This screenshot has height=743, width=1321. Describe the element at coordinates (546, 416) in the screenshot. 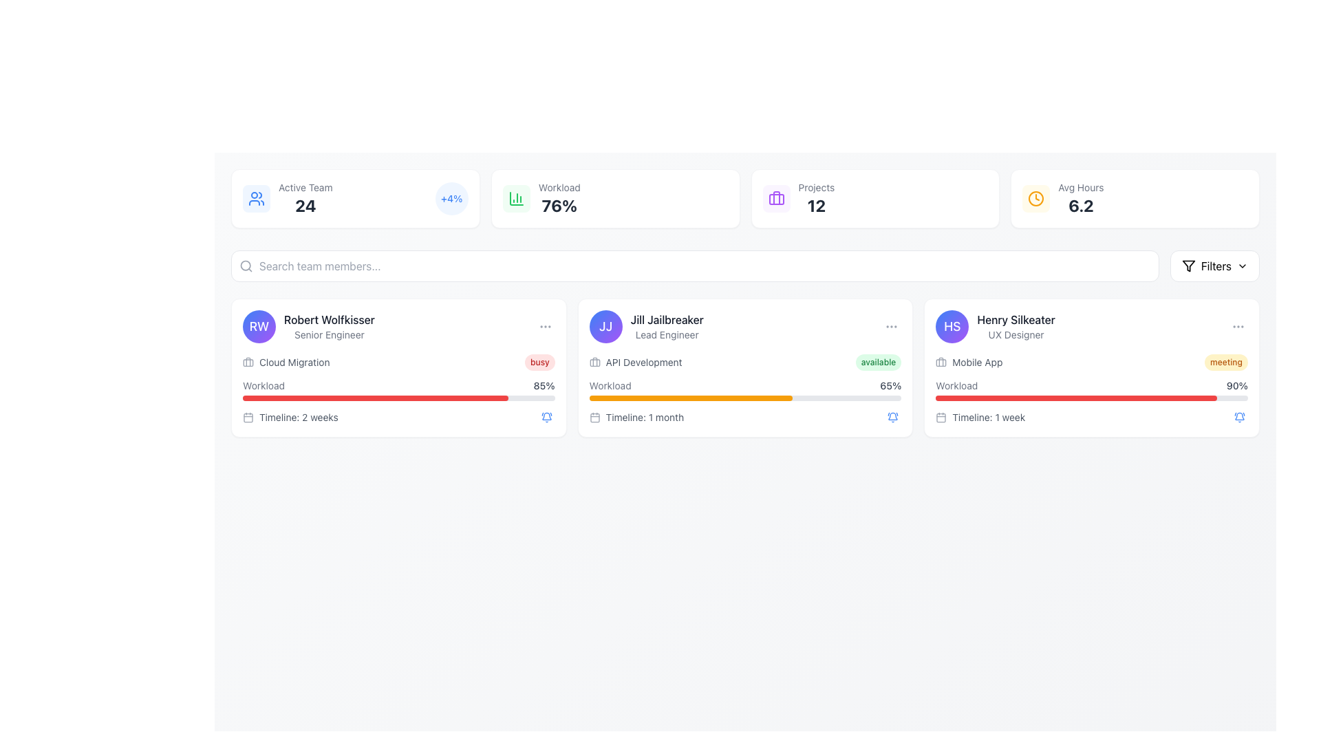

I see `the notification button located at the bottom-right corner of the card for 'Robert Wolfkisser' to apply focus effects` at that location.